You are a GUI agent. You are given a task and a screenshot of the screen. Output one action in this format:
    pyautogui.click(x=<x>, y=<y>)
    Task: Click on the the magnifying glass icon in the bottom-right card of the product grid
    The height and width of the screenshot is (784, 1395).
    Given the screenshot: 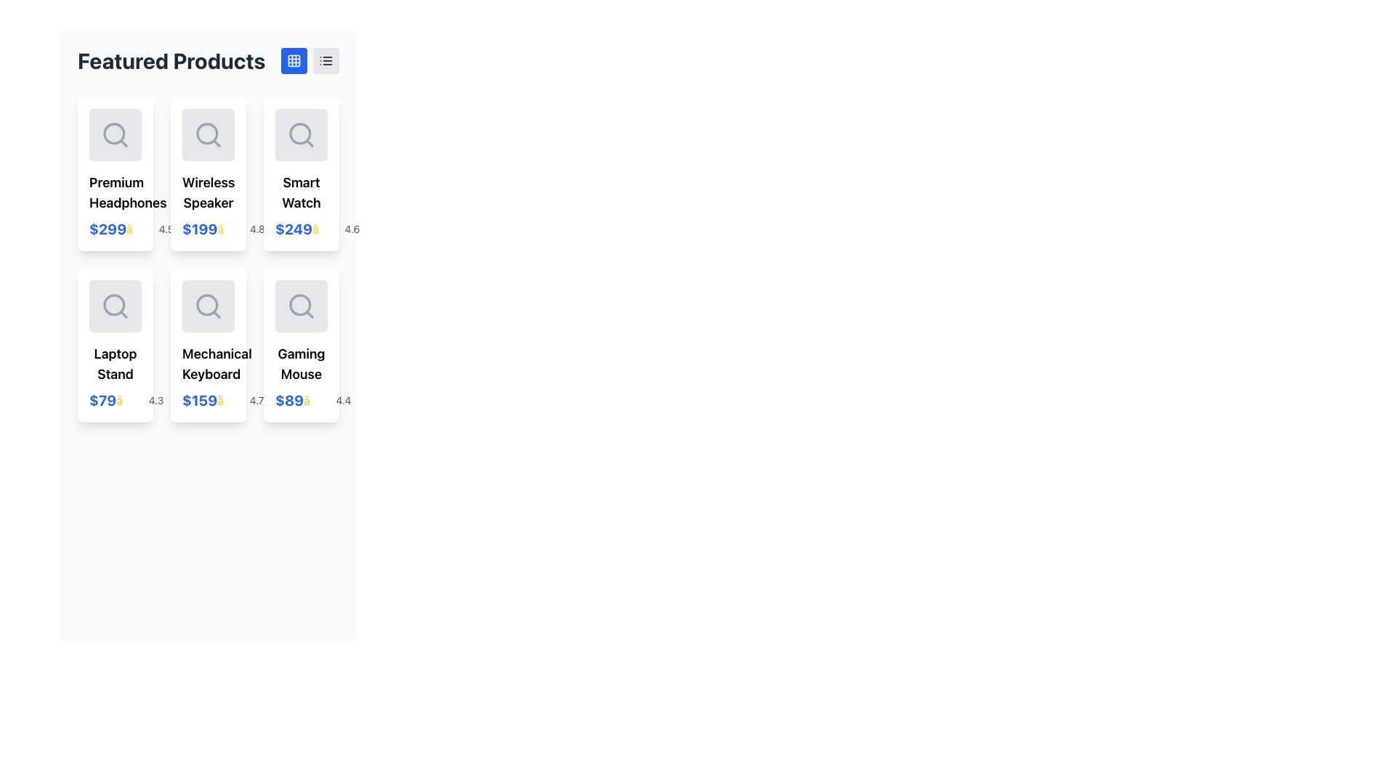 What is the action you would take?
    pyautogui.click(x=300, y=305)
    